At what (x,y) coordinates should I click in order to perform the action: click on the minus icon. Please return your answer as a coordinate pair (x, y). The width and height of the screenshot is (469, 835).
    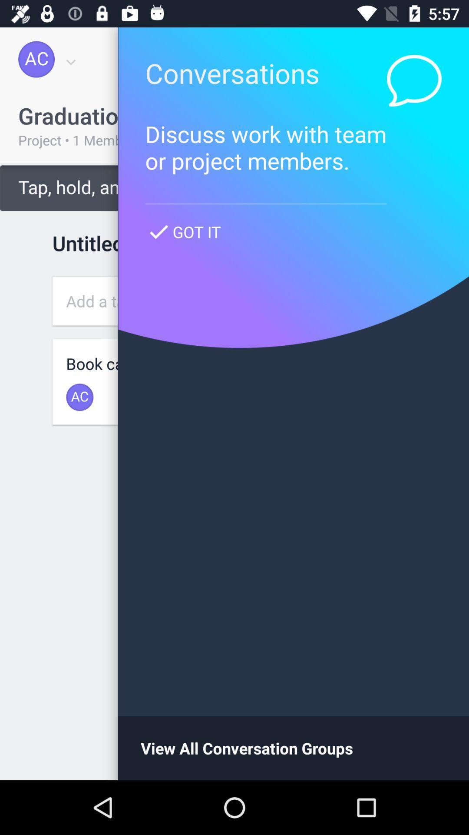
    Looking at the image, I should click on (416, 725).